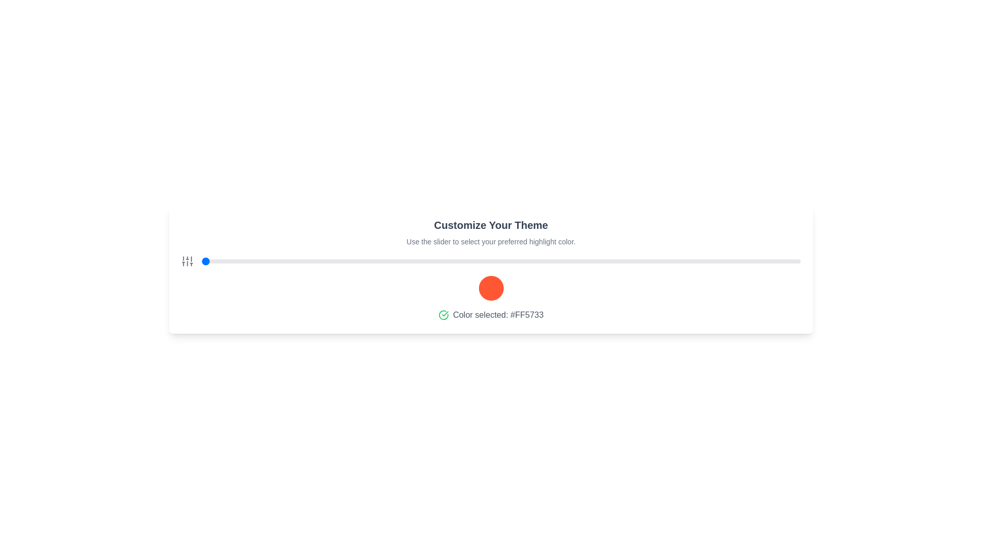 The image size is (993, 558). Describe the element at coordinates (600, 260) in the screenshot. I see `the slider value` at that location.